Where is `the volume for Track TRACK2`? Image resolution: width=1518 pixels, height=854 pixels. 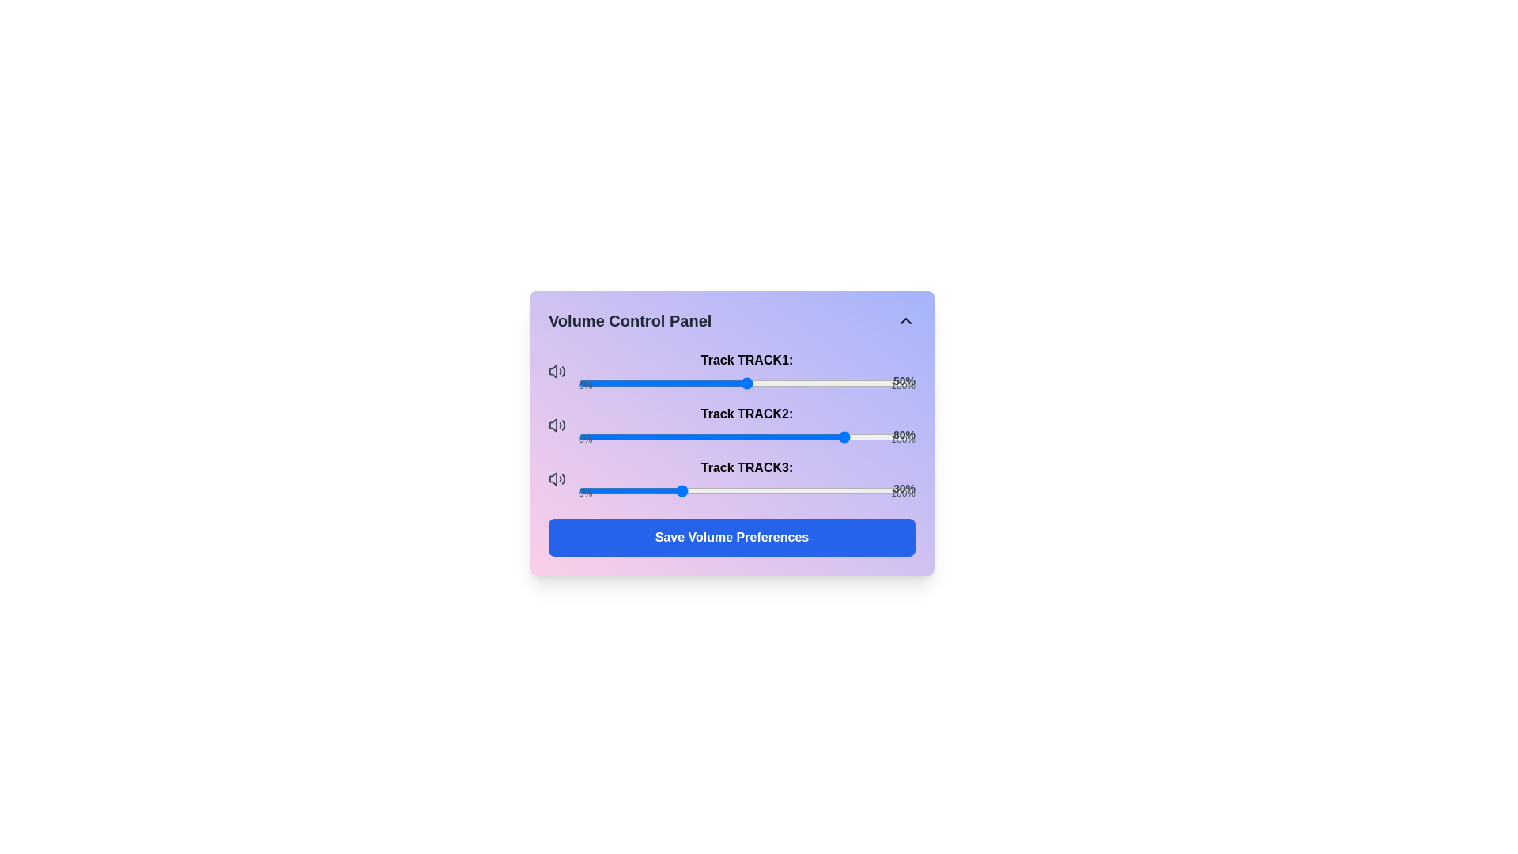
the volume for Track TRACK2 is located at coordinates (673, 436).